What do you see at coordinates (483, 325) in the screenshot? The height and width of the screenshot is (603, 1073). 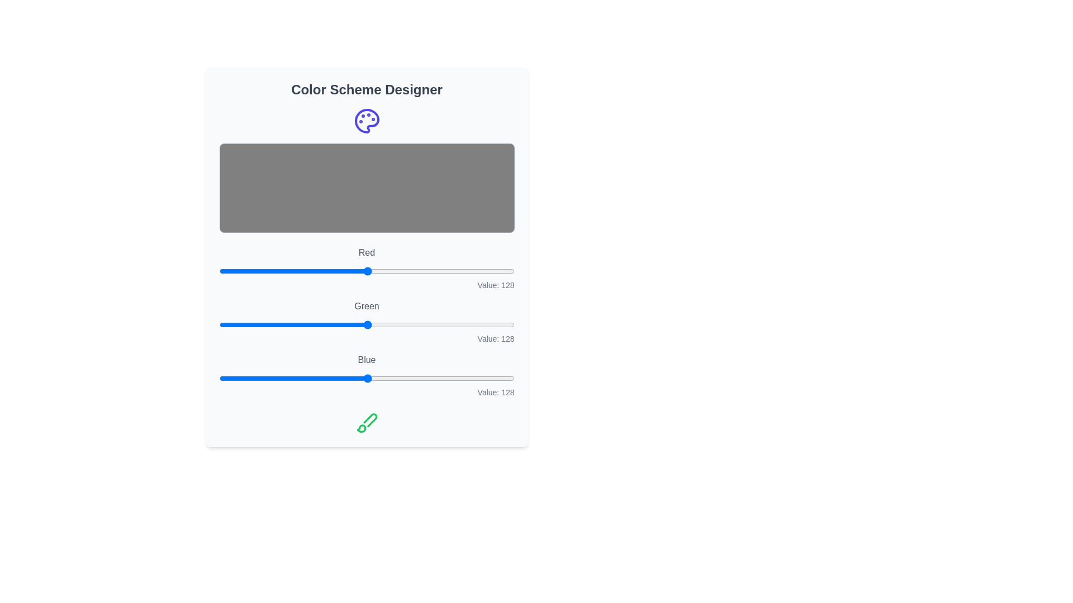 I see `the slider` at bounding box center [483, 325].